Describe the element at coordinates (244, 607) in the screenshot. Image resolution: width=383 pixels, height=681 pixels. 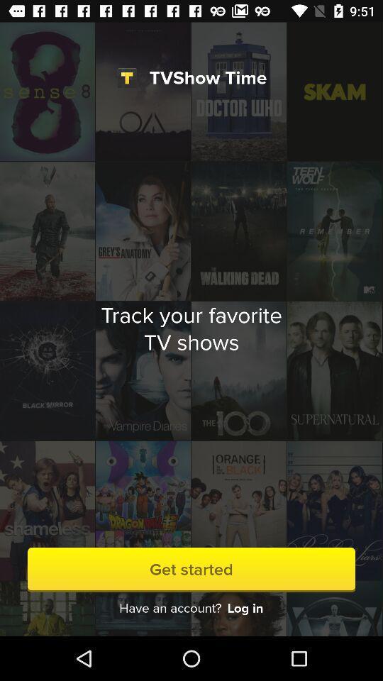
I see `the log in icon` at that location.